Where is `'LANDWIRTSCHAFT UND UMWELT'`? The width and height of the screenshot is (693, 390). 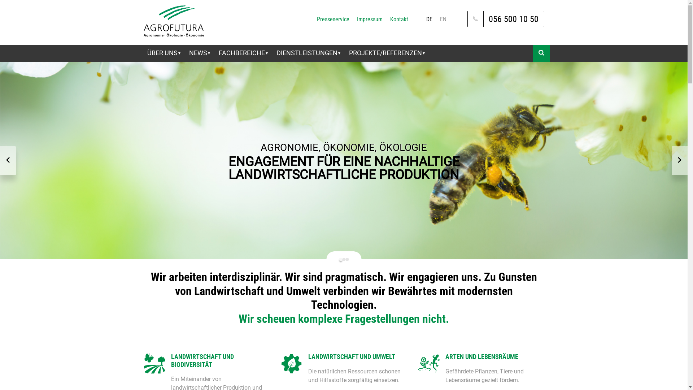
'LANDWIRTSCHAFT UND UMWELT' is located at coordinates (357, 356).